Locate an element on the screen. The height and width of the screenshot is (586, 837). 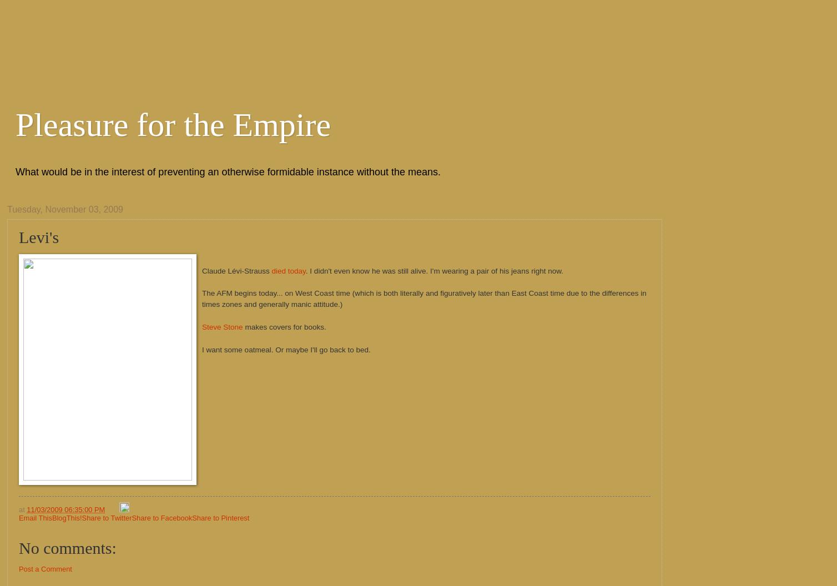
'Steve Stone' is located at coordinates (222, 327).